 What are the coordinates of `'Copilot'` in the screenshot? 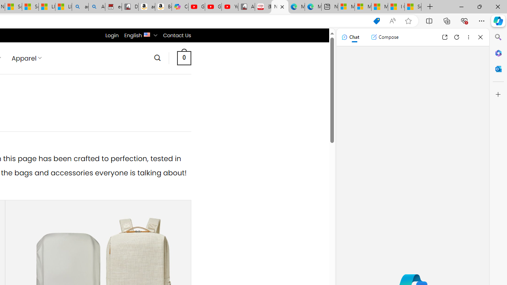 It's located at (179, 7).